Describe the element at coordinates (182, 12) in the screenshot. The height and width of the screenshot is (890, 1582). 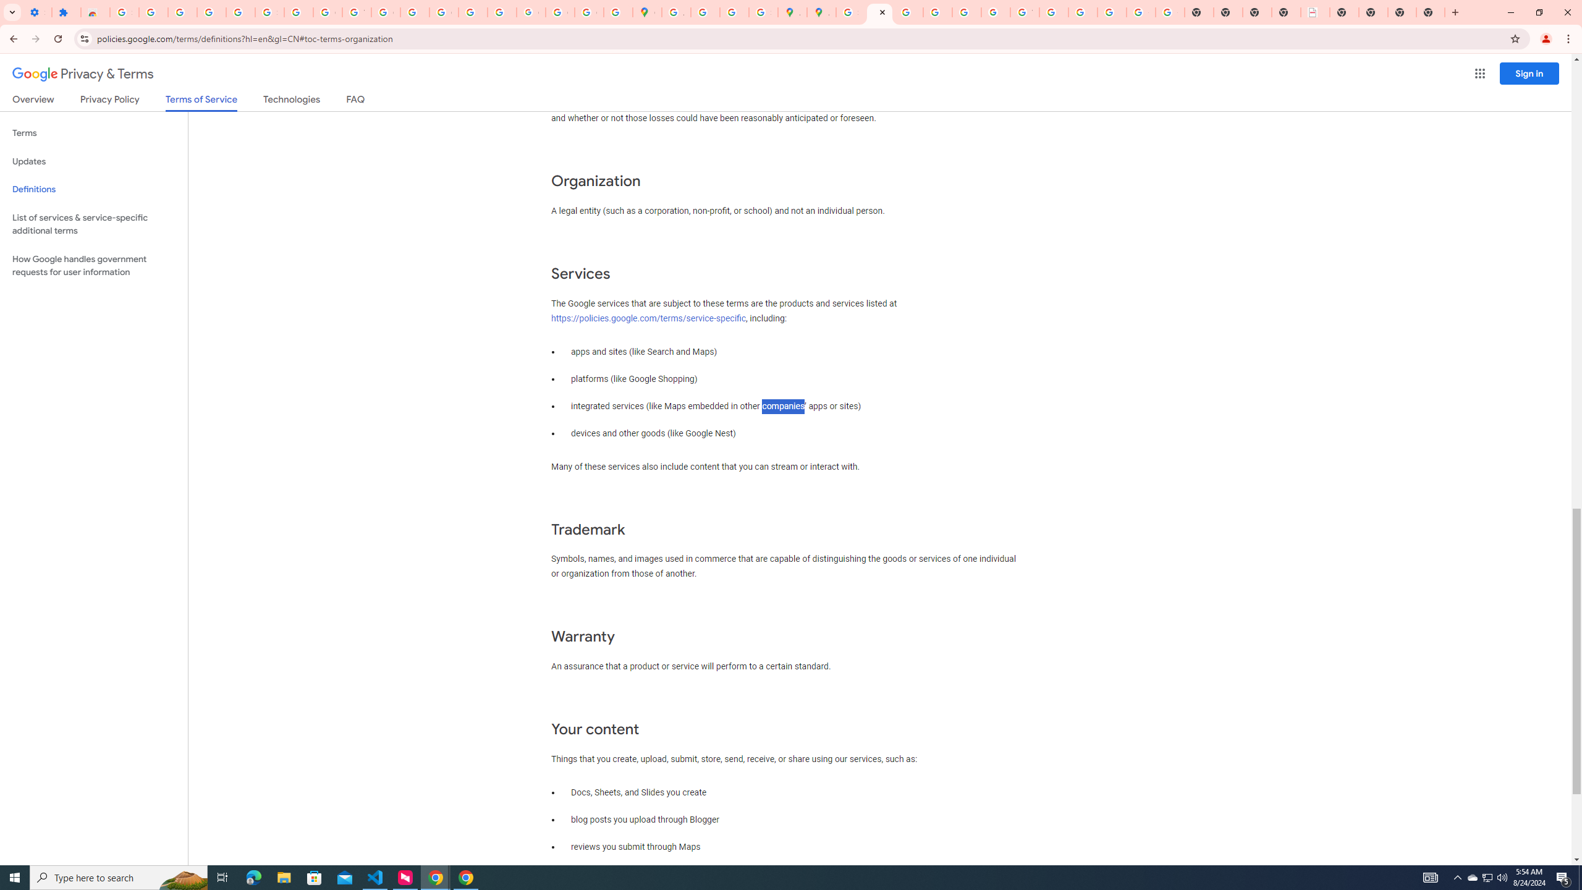
I see `'Delete photos & videos - Computer - Google Photos Help'` at that location.